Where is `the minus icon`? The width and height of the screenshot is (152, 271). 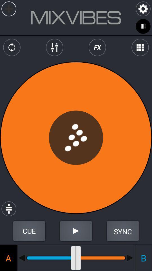
the minus icon is located at coordinates (130, 258).